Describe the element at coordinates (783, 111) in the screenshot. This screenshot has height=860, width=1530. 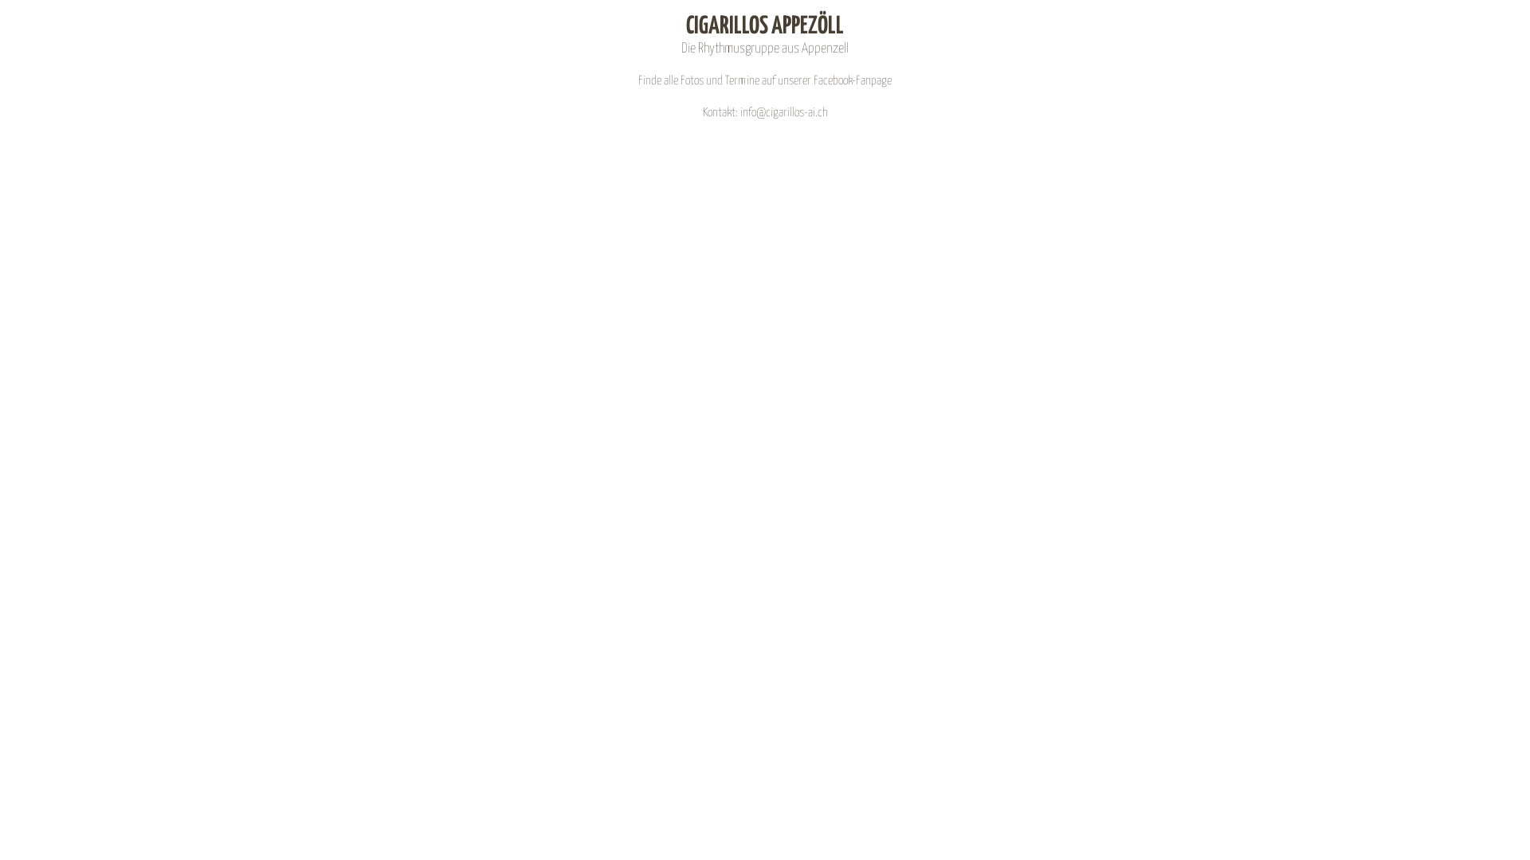
I see `'info@cigarillos-ai.ch'` at that location.